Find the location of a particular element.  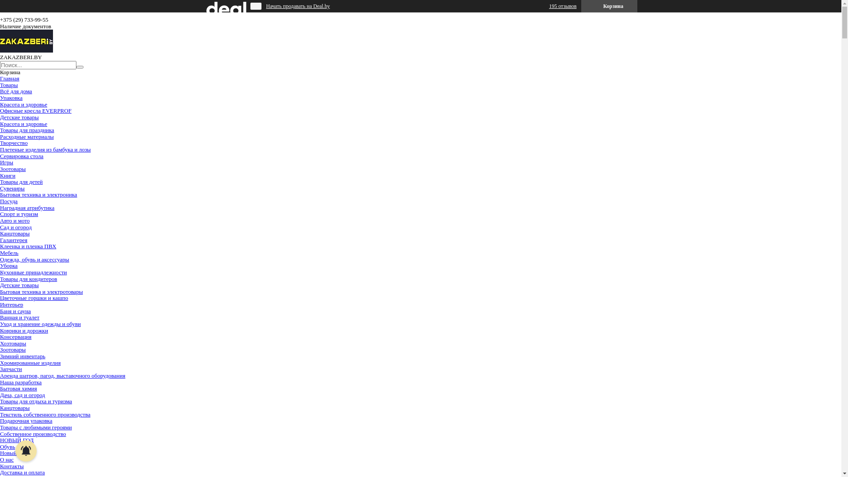

'ZAKAZBERI.BY' is located at coordinates (26, 50).